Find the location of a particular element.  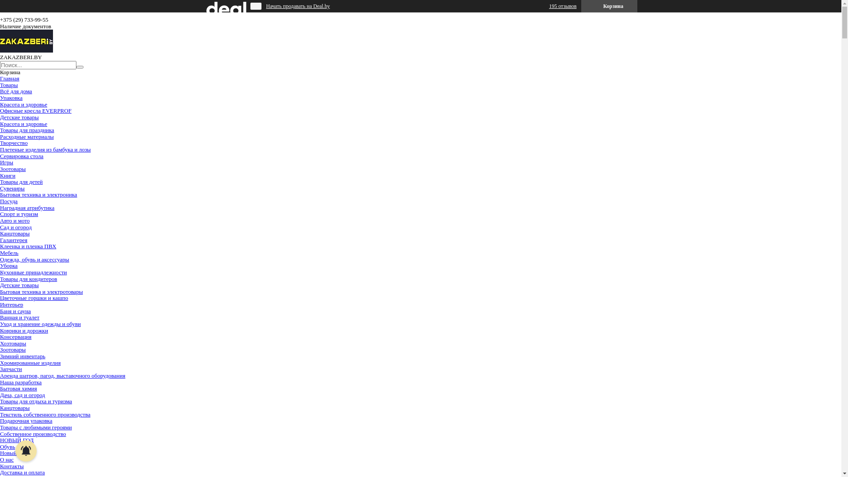

'ZAKAZBERI.BY' is located at coordinates (26, 50).